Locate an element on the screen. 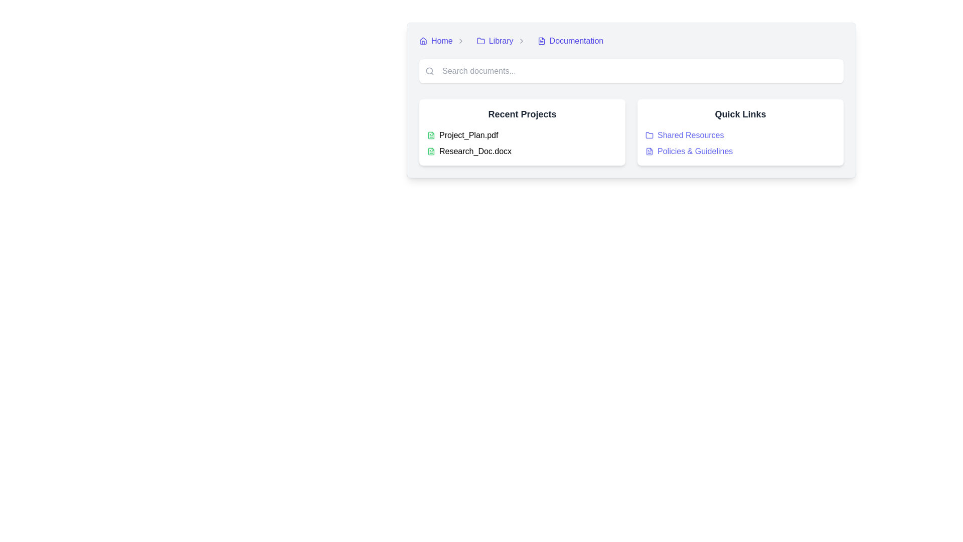  the document file icon located to the left of the text 'Research_Doc.docx' in the 'Recent Projects' section under the right card of the two-card layout is located at coordinates (431, 151).